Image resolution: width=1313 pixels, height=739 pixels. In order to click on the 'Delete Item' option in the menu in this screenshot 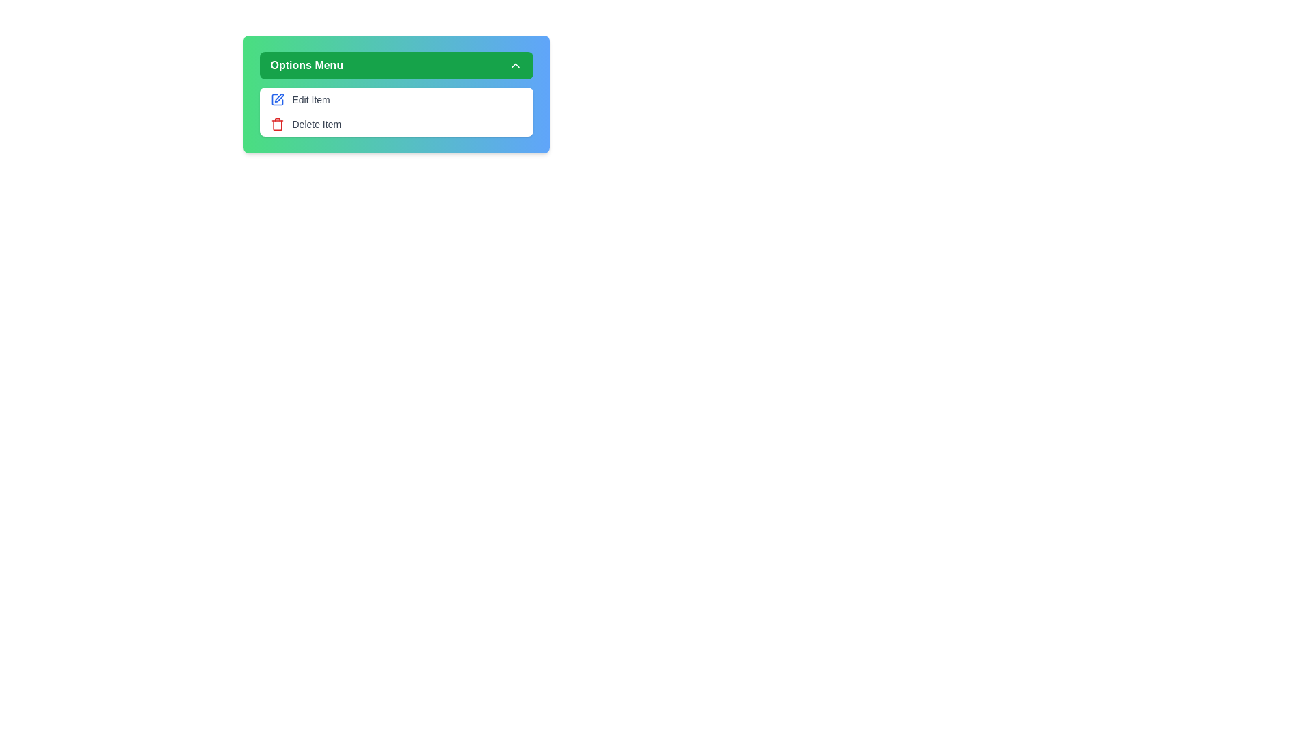, I will do `click(395, 124)`.